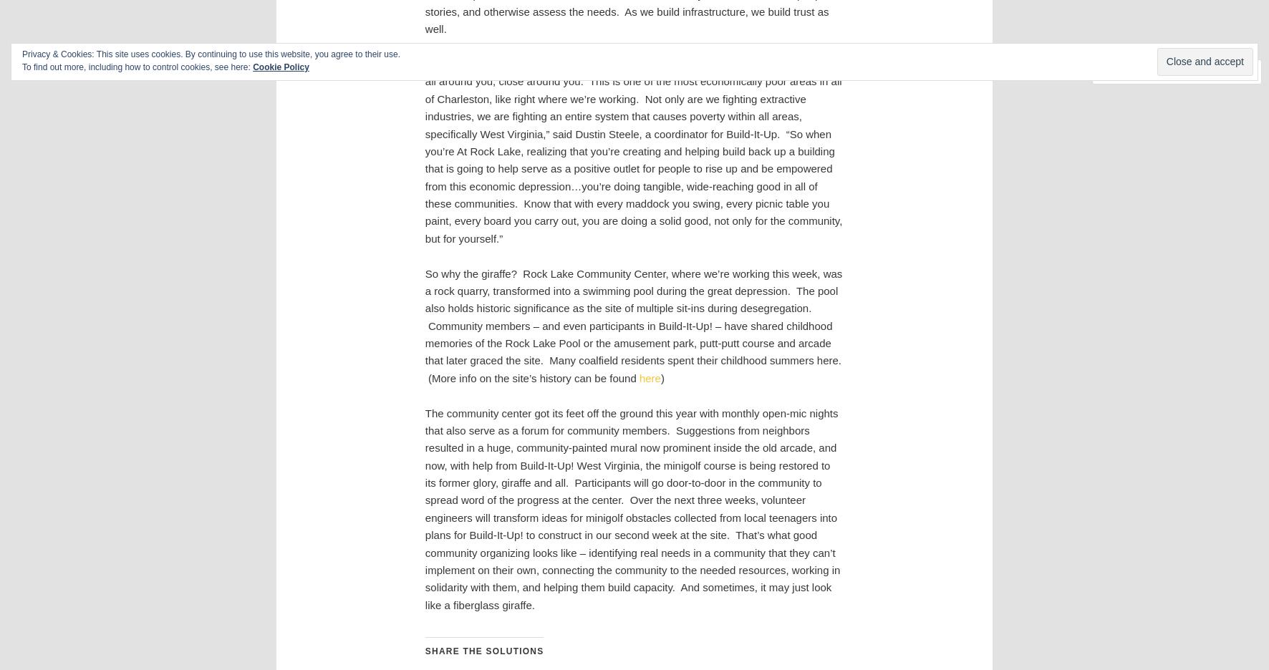 The width and height of the screenshot is (1269, 670). What do you see at coordinates (1139, 71) in the screenshot?
I see `'Comment'` at bounding box center [1139, 71].